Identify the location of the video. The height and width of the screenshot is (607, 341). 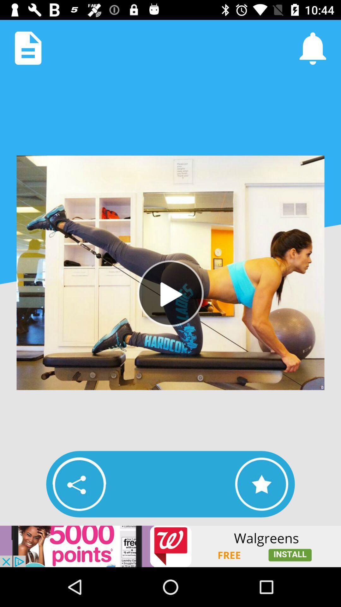
(170, 293).